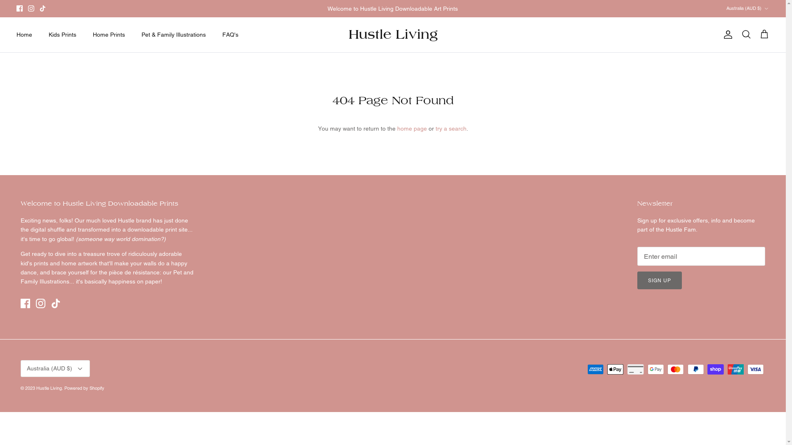 This screenshot has height=445, width=792. I want to click on 'Cart', so click(764, 34).